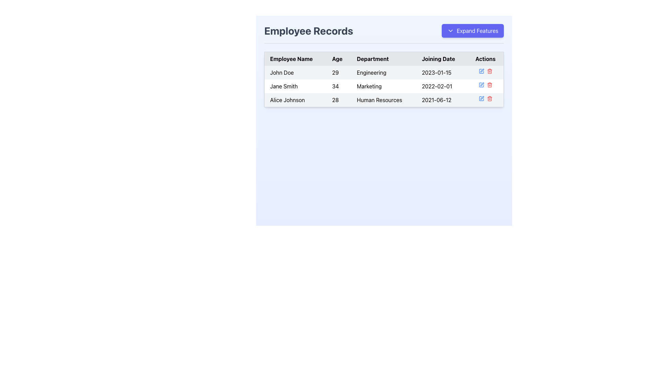 This screenshot has width=659, height=370. What do you see at coordinates (489, 85) in the screenshot?
I see `the delete SVG icon in the 'Actions' column for Jane Smith's record, which is the second icon from the left` at bounding box center [489, 85].